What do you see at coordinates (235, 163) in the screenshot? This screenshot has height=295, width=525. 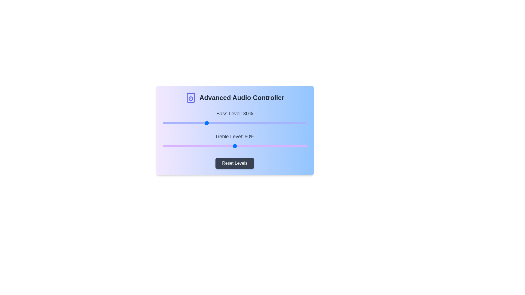 I see `the 'Reset Levels' button to reset both sliders to their default values` at bounding box center [235, 163].